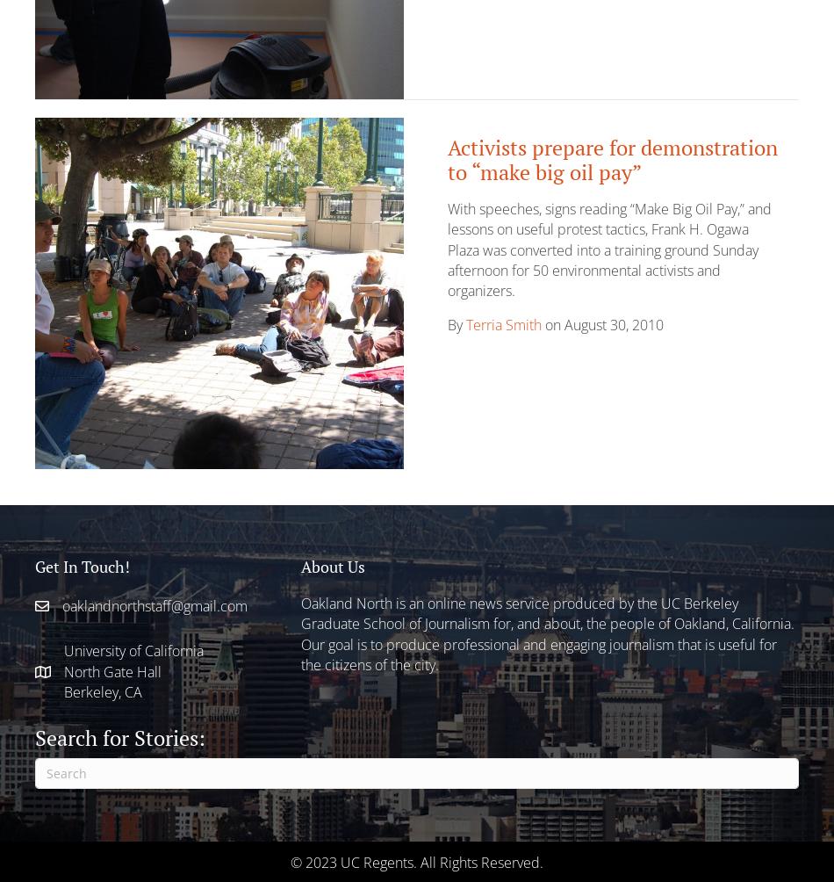 The width and height of the screenshot is (834, 882). What do you see at coordinates (34, 738) in the screenshot?
I see `'Search for Stories:'` at bounding box center [34, 738].